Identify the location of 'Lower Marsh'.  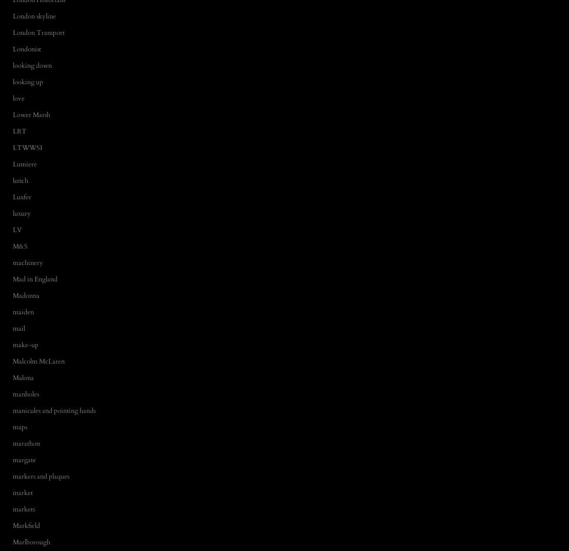
(13, 114).